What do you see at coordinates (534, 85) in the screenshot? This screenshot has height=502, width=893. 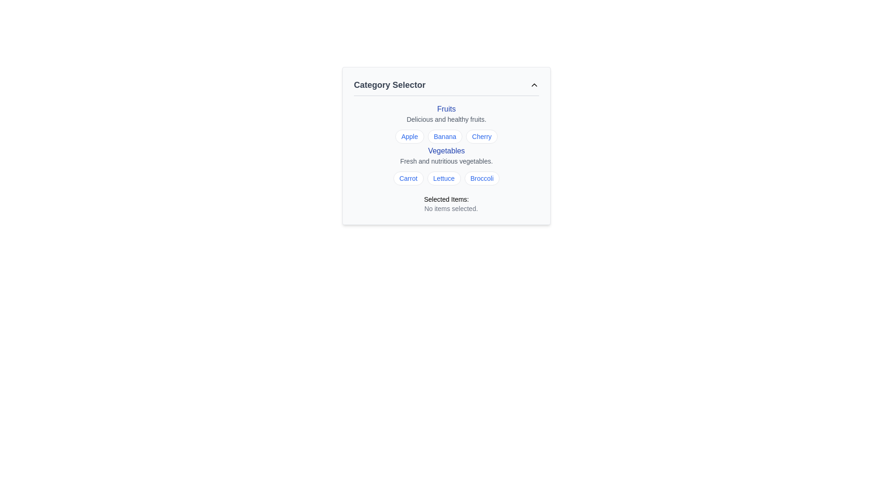 I see `the upward-pointing chevron icon located in the top-right corner of the 'Category Selector' header` at bounding box center [534, 85].